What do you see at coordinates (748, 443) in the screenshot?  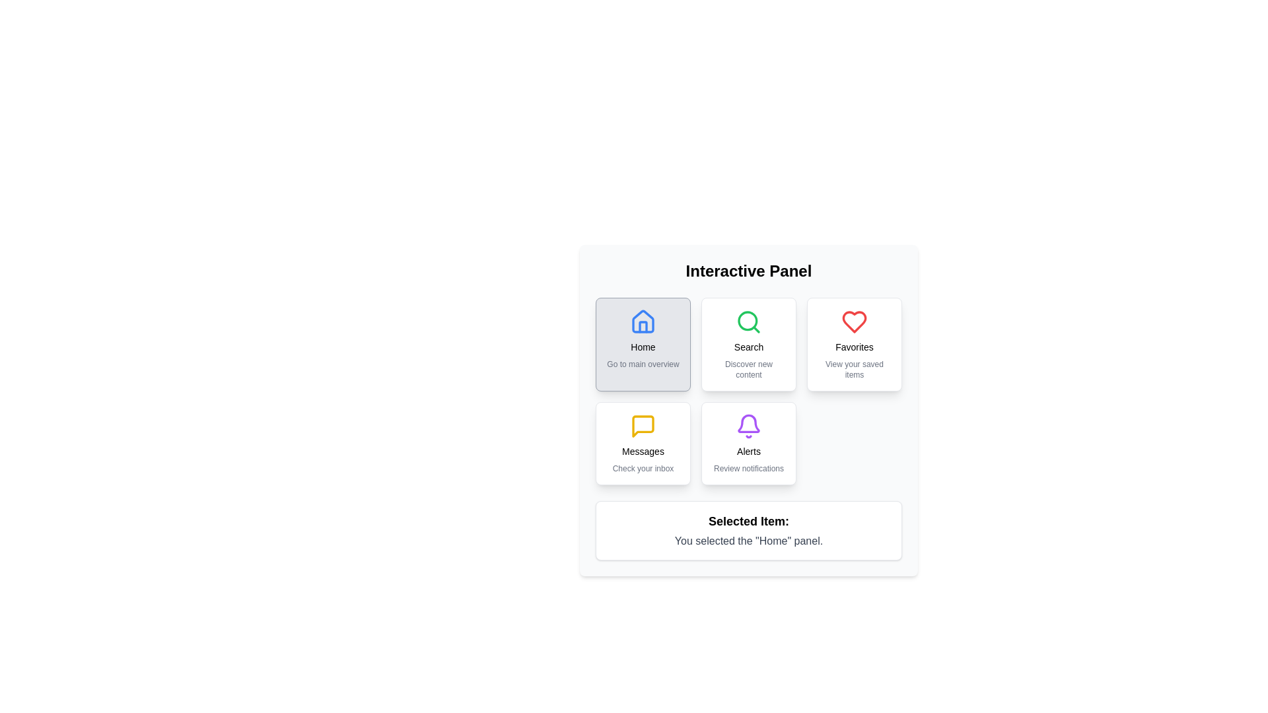 I see `the fifth card in the grid, which has a white background, rounded corners, a purple bell icon at the top, and the text 'Alerts' to trigger hover effects` at bounding box center [748, 443].